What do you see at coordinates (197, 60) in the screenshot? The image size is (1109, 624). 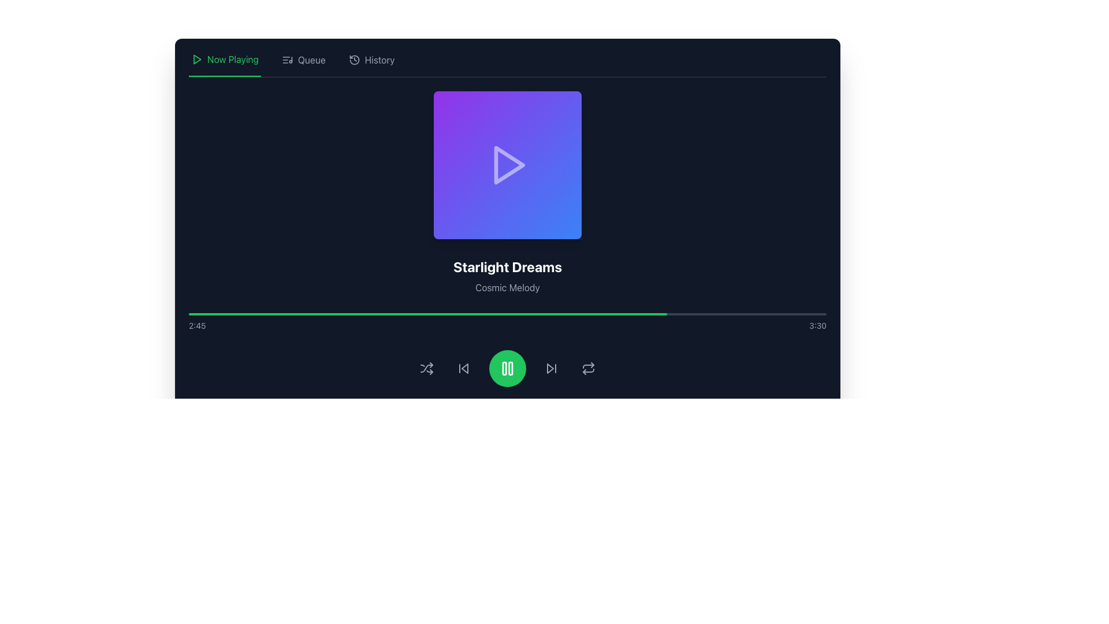 I see `the play or forward action icon located in the left area of the header section, near the 'Now Playing' label` at bounding box center [197, 60].